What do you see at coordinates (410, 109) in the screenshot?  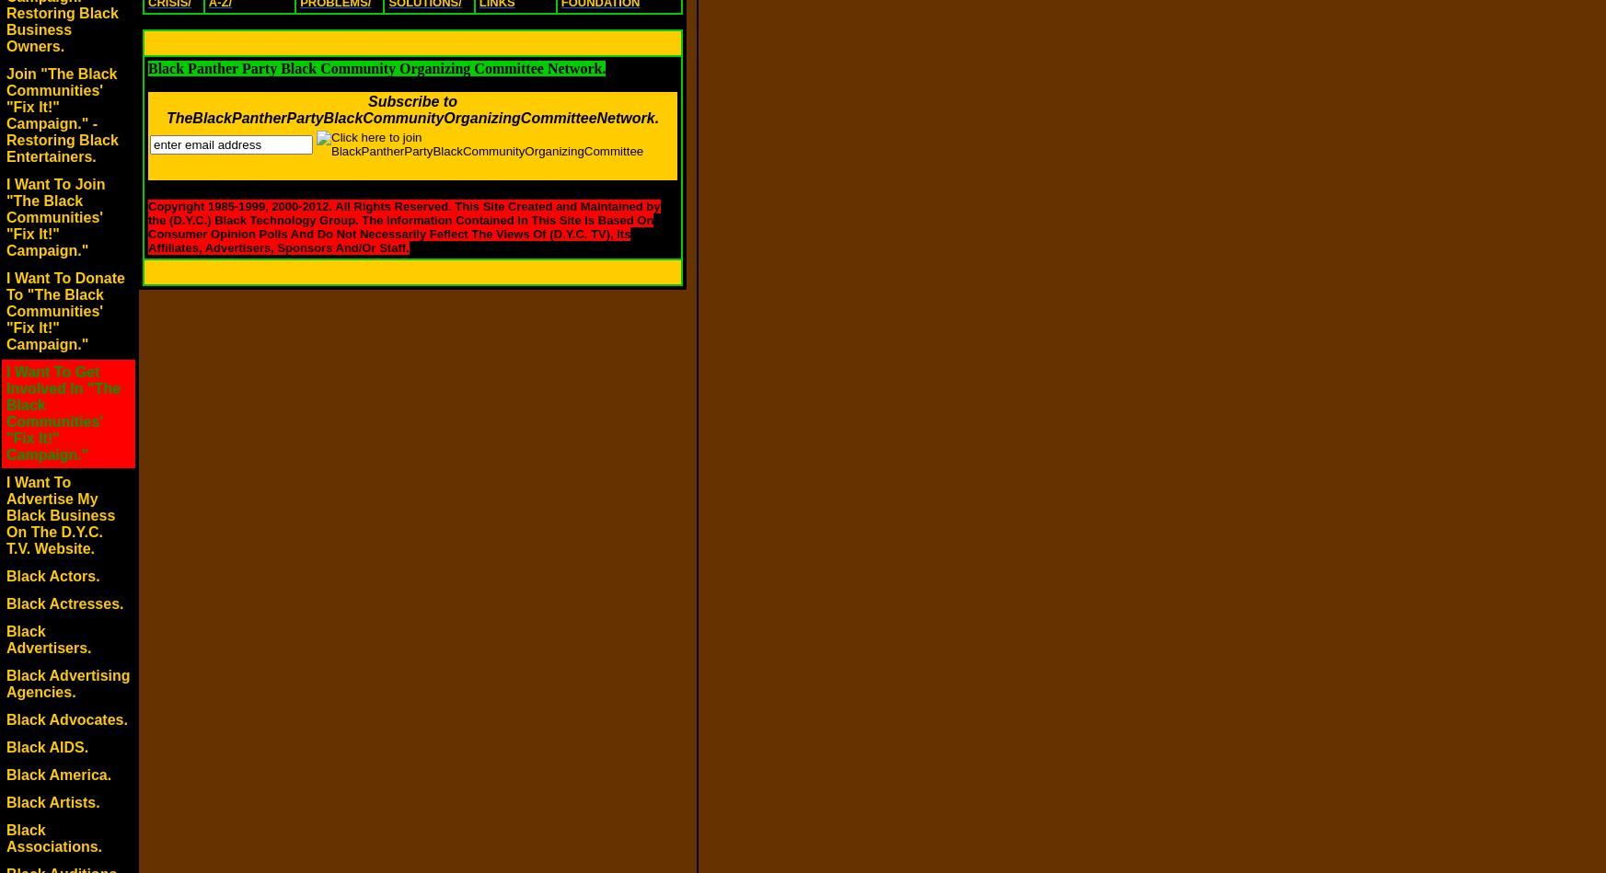 I see `'Subscribe to TheBlackPantherPartyBlackCommunityOrganizingCommitteeNetwork.'` at bounding box center [410, 109].